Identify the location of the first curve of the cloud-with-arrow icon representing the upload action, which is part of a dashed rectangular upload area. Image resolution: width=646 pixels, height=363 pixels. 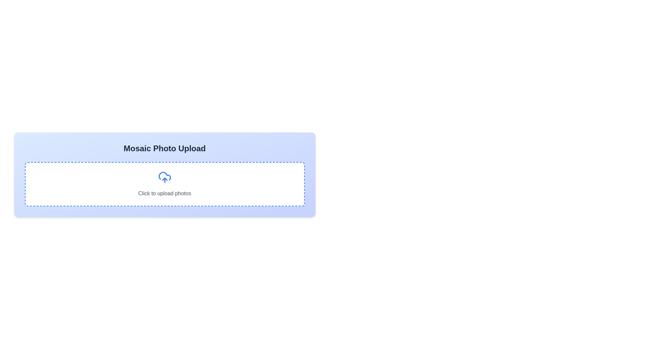
(165, 176).